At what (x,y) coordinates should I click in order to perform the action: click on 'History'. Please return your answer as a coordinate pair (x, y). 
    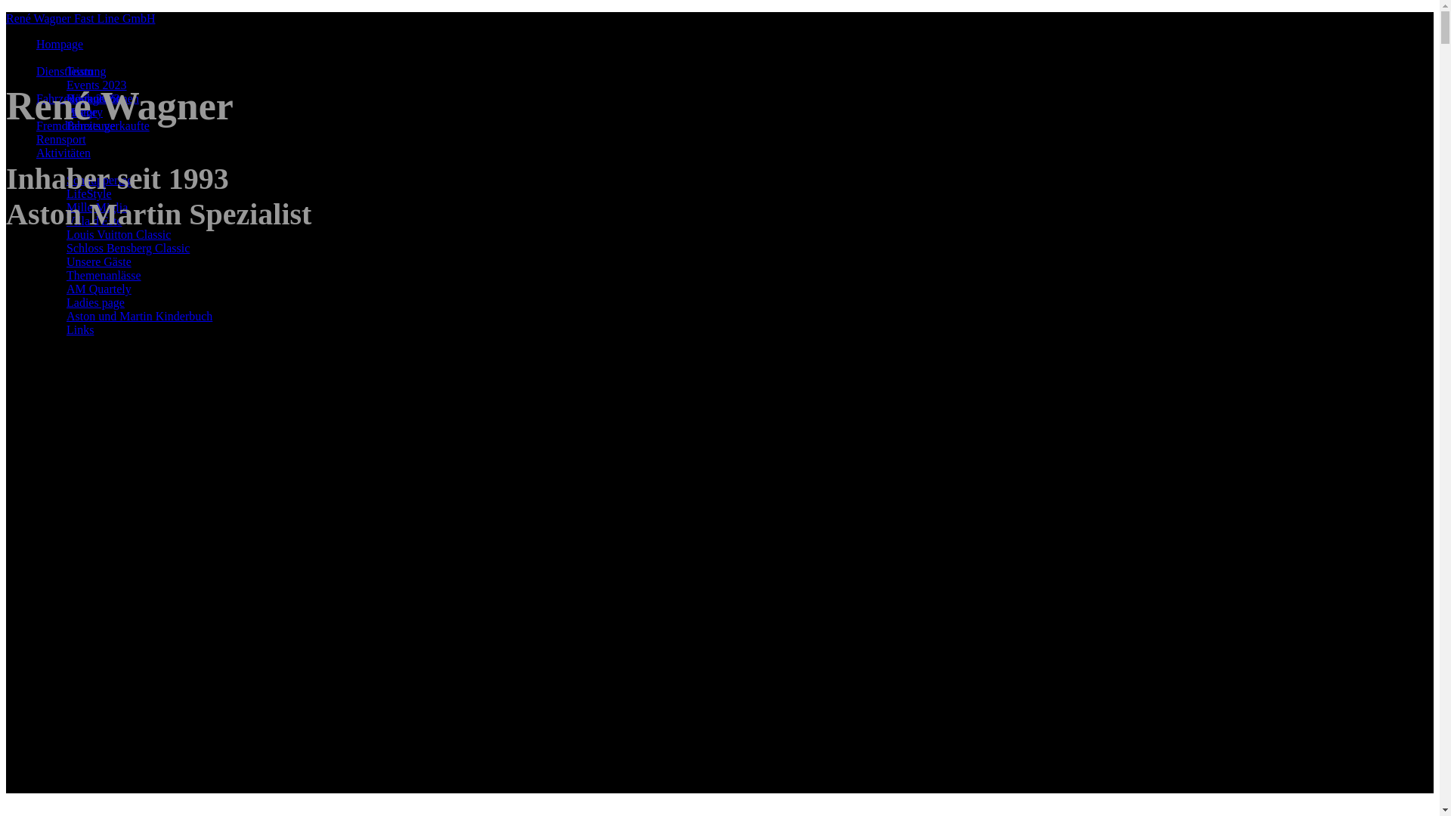
    Looking at the image, I should click on (83, 111).